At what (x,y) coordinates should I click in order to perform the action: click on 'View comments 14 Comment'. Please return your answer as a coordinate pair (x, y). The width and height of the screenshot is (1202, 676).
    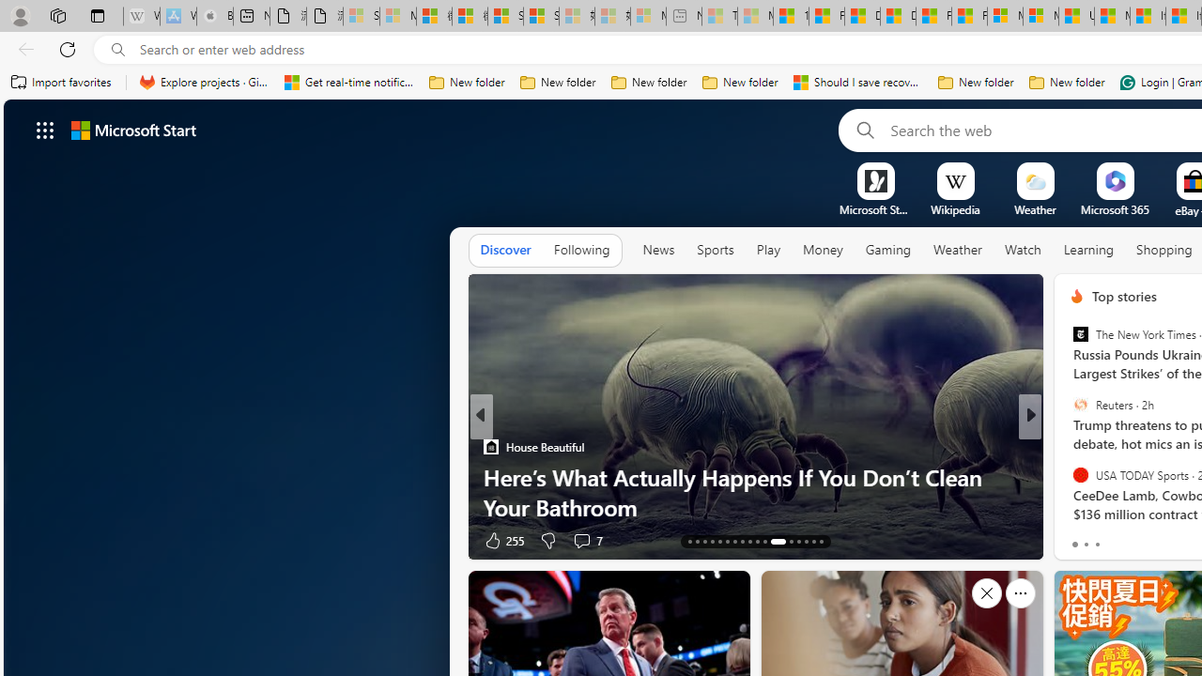
    Looking at the image, I should click on (10, 540).